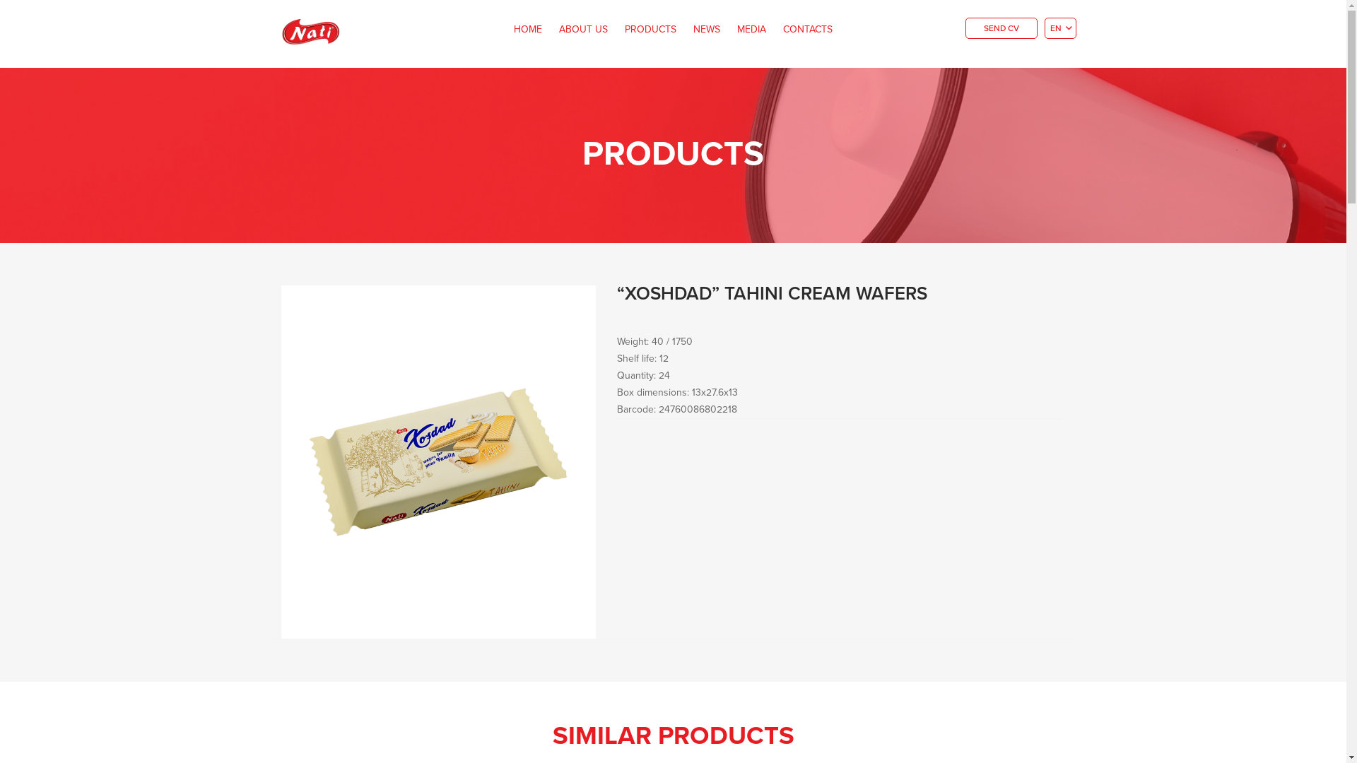 Image resolution: width=1357 pixels, height=763 pixels. What do you see at coordinates (965, 28) in the screenshot?
I see `'SEND CV'` at bounding box center [965, 28].